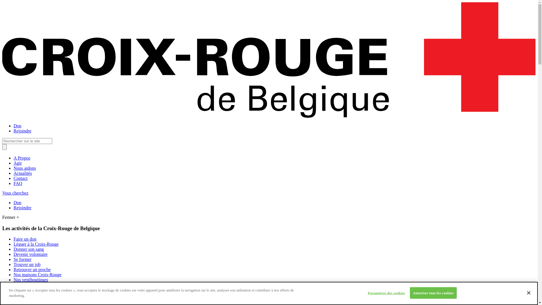 The width and height of the screenshot is (542, 305). I want to click on 'Vous cherchez', so click(15, 193).